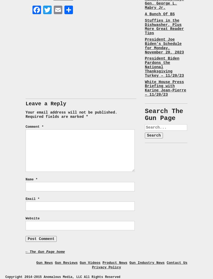  I want to click on 'Stuffies in the Dishwasher, Plus More Great Reader Tips', so click(164, 27).